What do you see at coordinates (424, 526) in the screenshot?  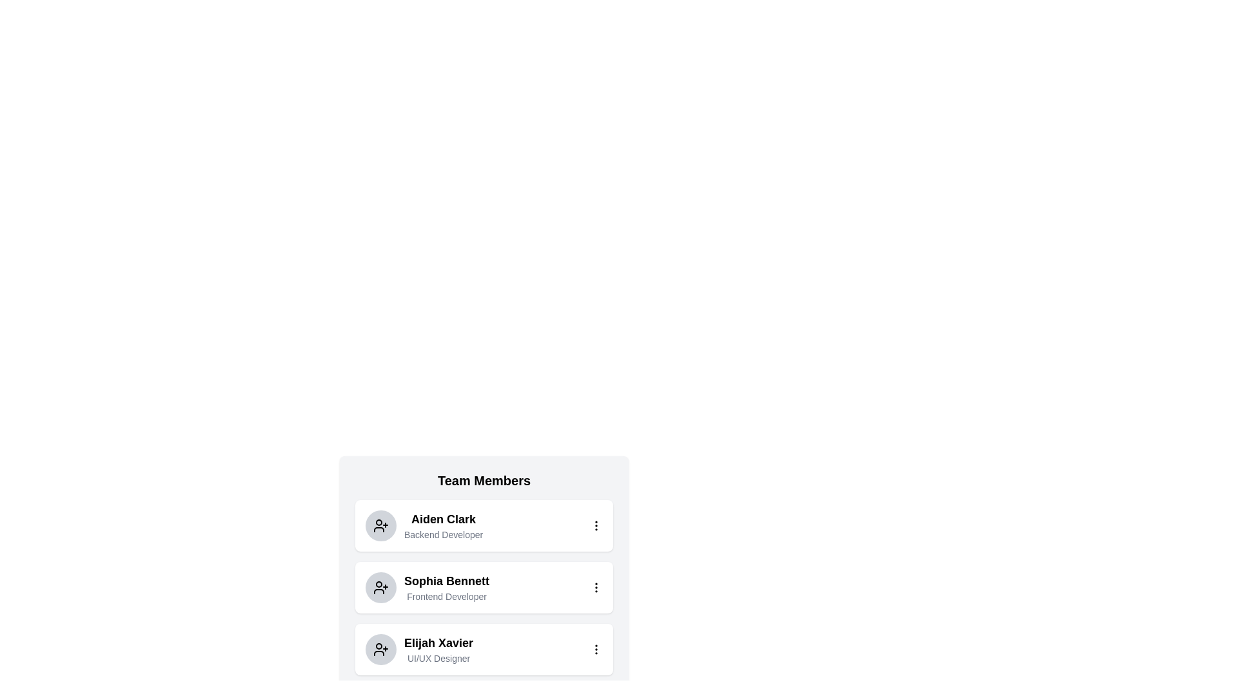 I see `the User Profile Block, which is the first entry in a vertical list of user profiles` at bounding box center [424, 526].